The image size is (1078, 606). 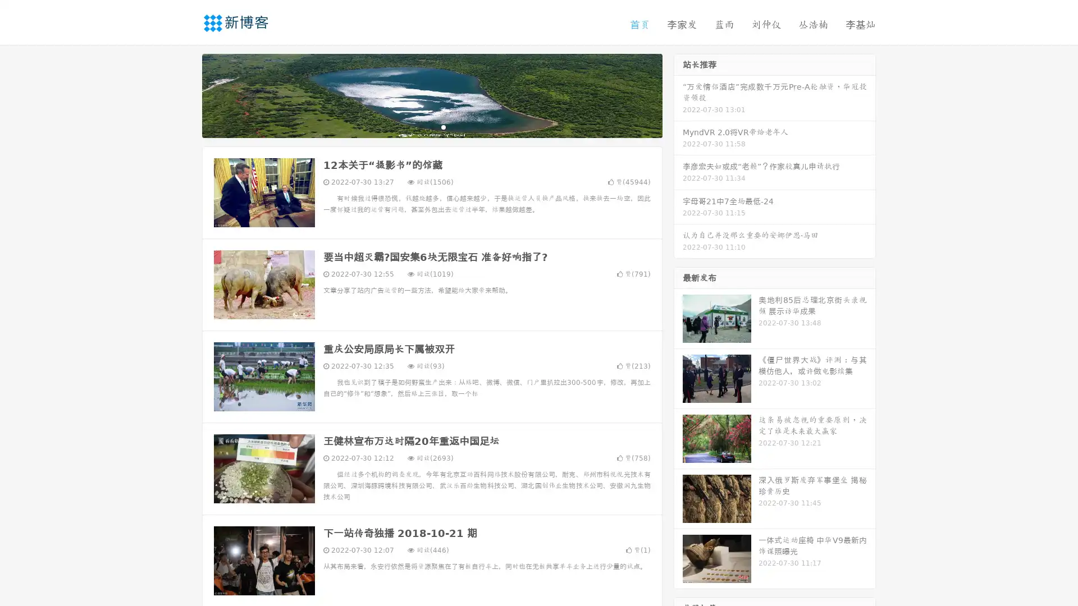 I want to click on Go to slide 1, so click(x=420, y=126).